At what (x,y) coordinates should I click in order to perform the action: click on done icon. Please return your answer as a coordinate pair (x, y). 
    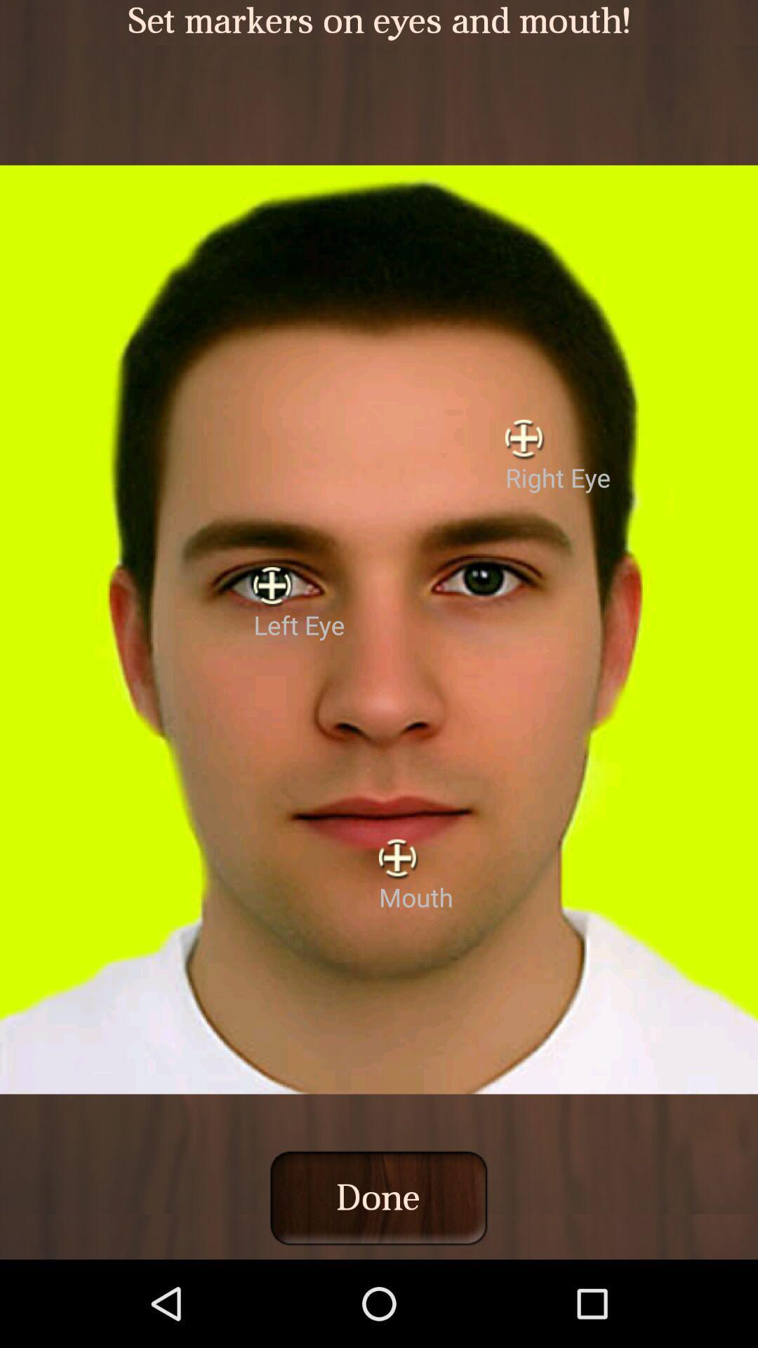
    Looking at the image, I should click on (378, 1197).